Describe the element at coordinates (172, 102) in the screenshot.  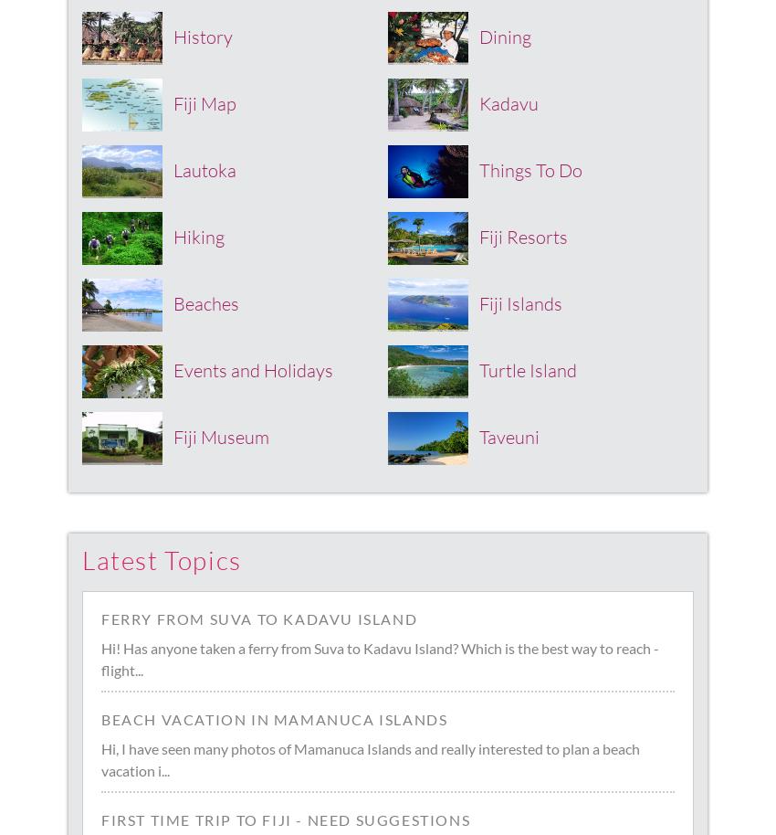
I see `'Fiji Map'` at that location.